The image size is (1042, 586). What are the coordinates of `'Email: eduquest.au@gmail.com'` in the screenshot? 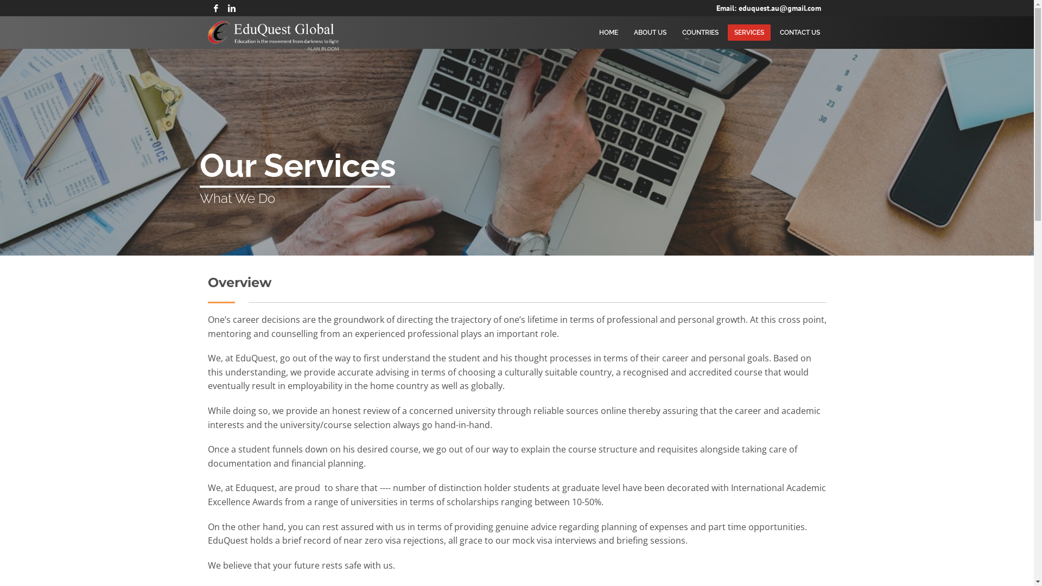 It's located at (768, 8).